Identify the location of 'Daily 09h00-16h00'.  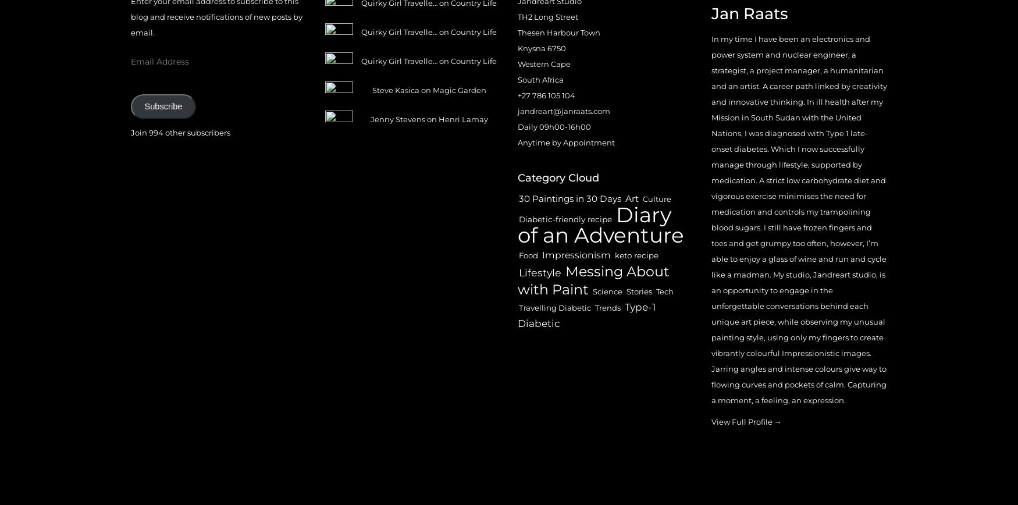
(554, 126).